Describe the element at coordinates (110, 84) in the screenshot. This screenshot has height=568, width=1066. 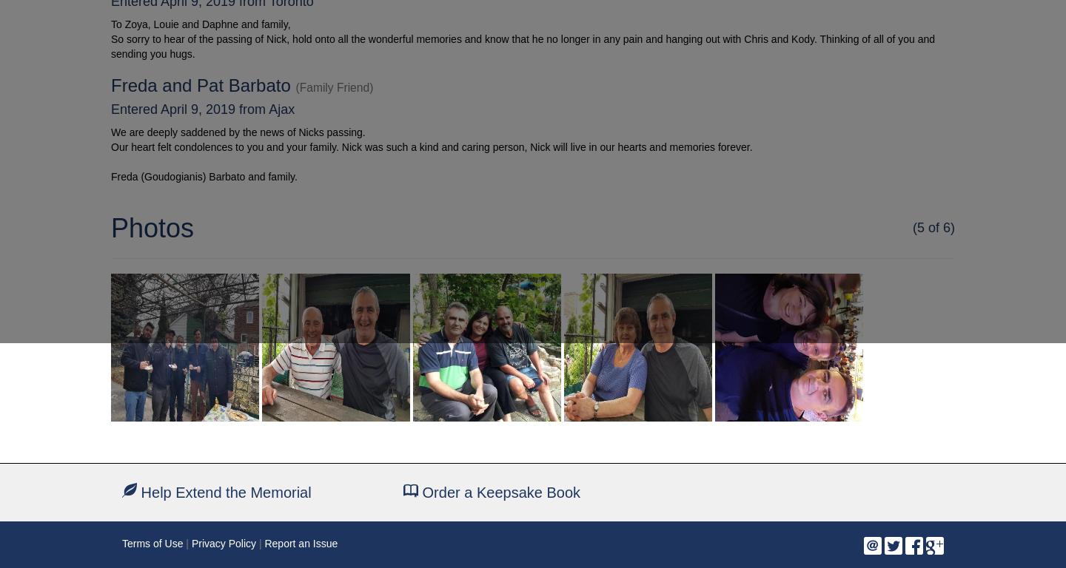
I see `'Freda and Pat Barbato'` at that location.